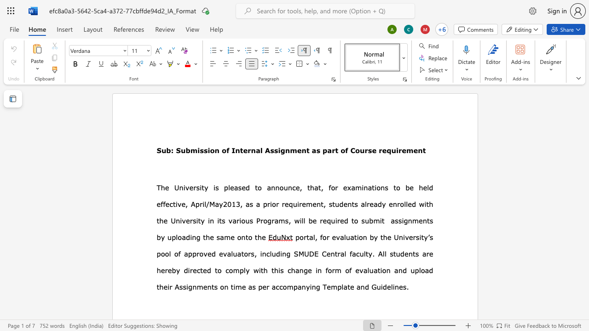 Image resolution: width=589 pixels, height=331 pixels. What do you see at coordinates (248, 237) in the screenshot?
I see `the space between the continuous character "t" and "o" in the text` at bounding box center [248, 237].